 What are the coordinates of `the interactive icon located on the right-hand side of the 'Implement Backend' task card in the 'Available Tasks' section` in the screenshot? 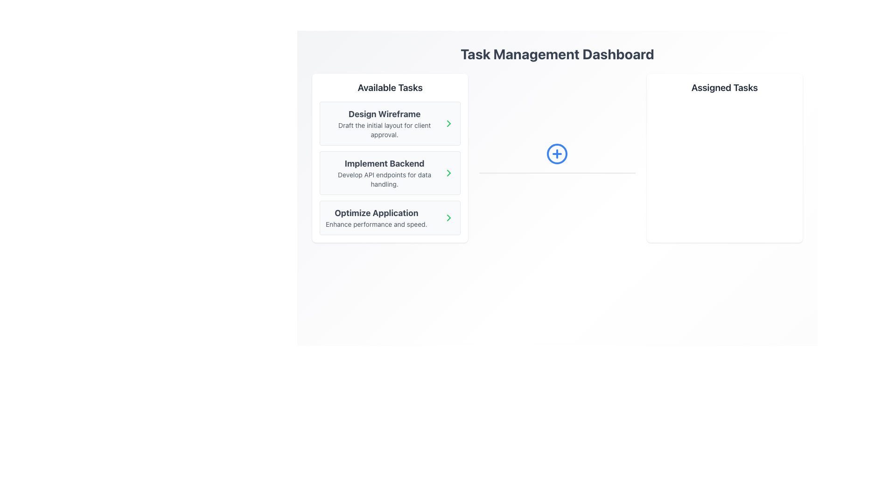 It's located at (449, 173).